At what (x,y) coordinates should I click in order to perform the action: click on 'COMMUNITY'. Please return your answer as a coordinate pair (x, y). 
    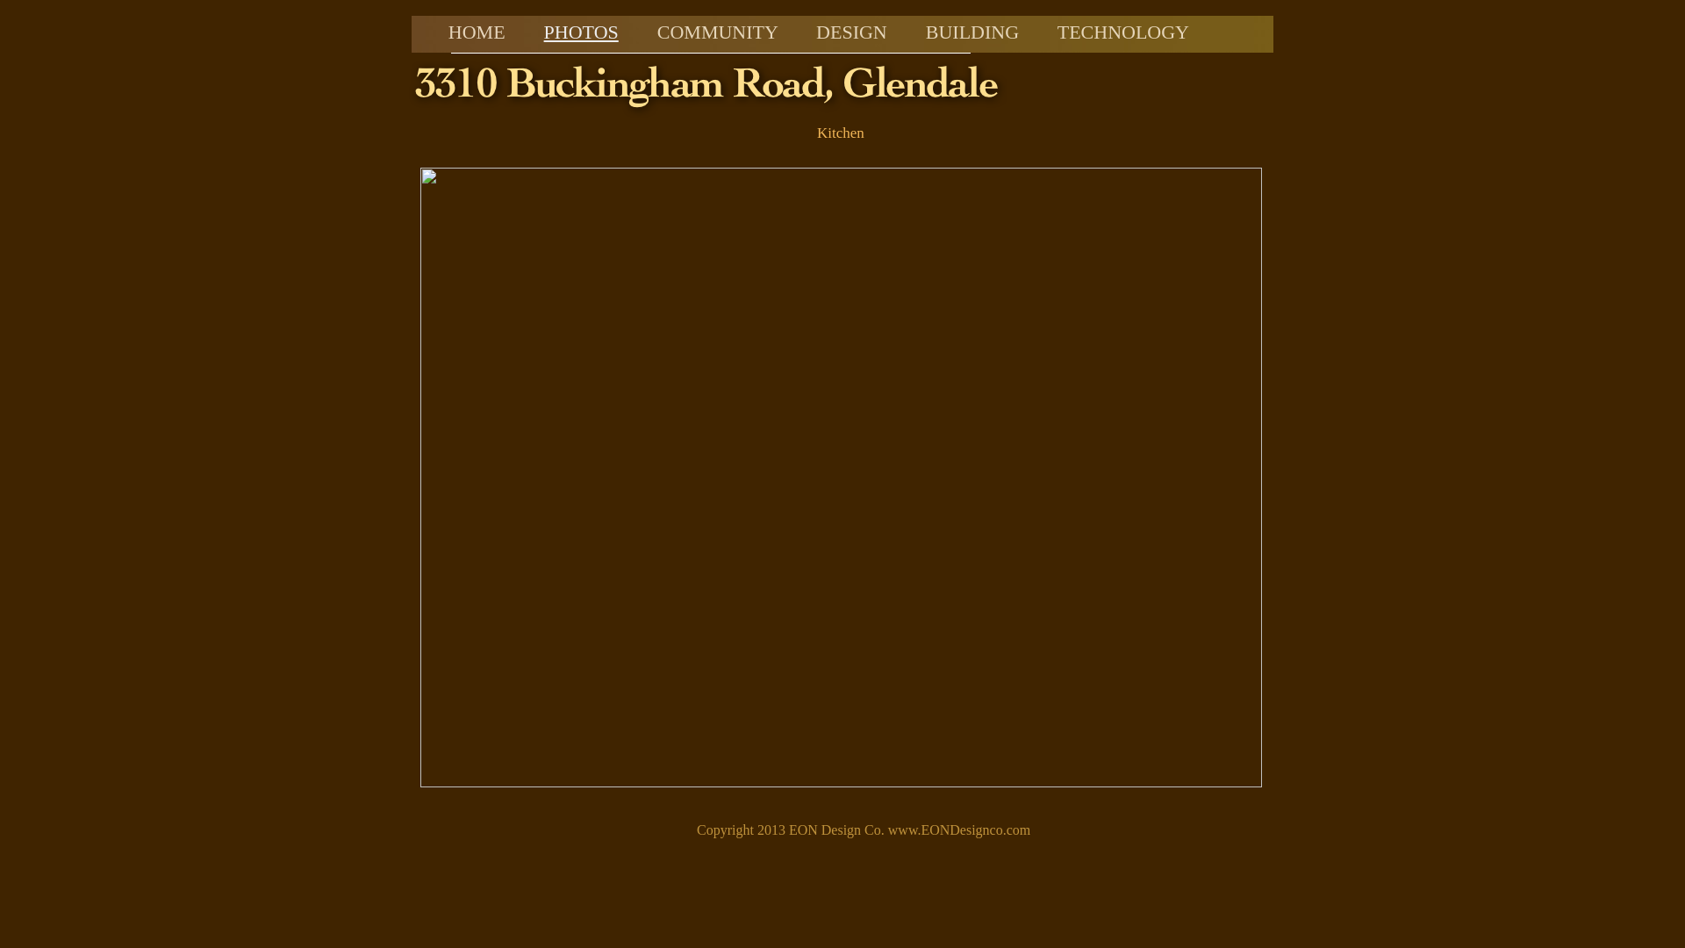
    Looking at the image, I should click on (717, 32).